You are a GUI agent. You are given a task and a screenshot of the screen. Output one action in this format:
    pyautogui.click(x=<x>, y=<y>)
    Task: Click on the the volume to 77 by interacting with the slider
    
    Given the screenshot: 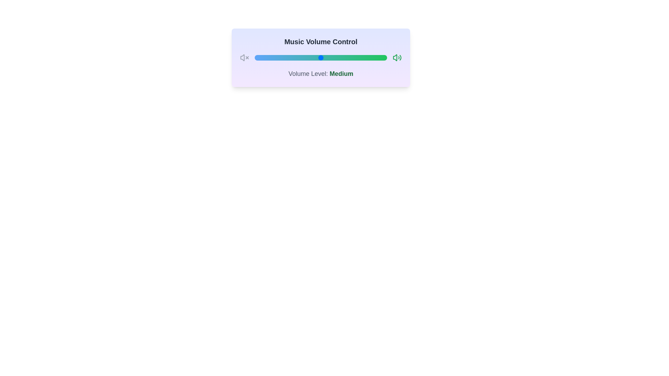 What is the action you would take?
    pyautogui.click(x=356, y=57)
    